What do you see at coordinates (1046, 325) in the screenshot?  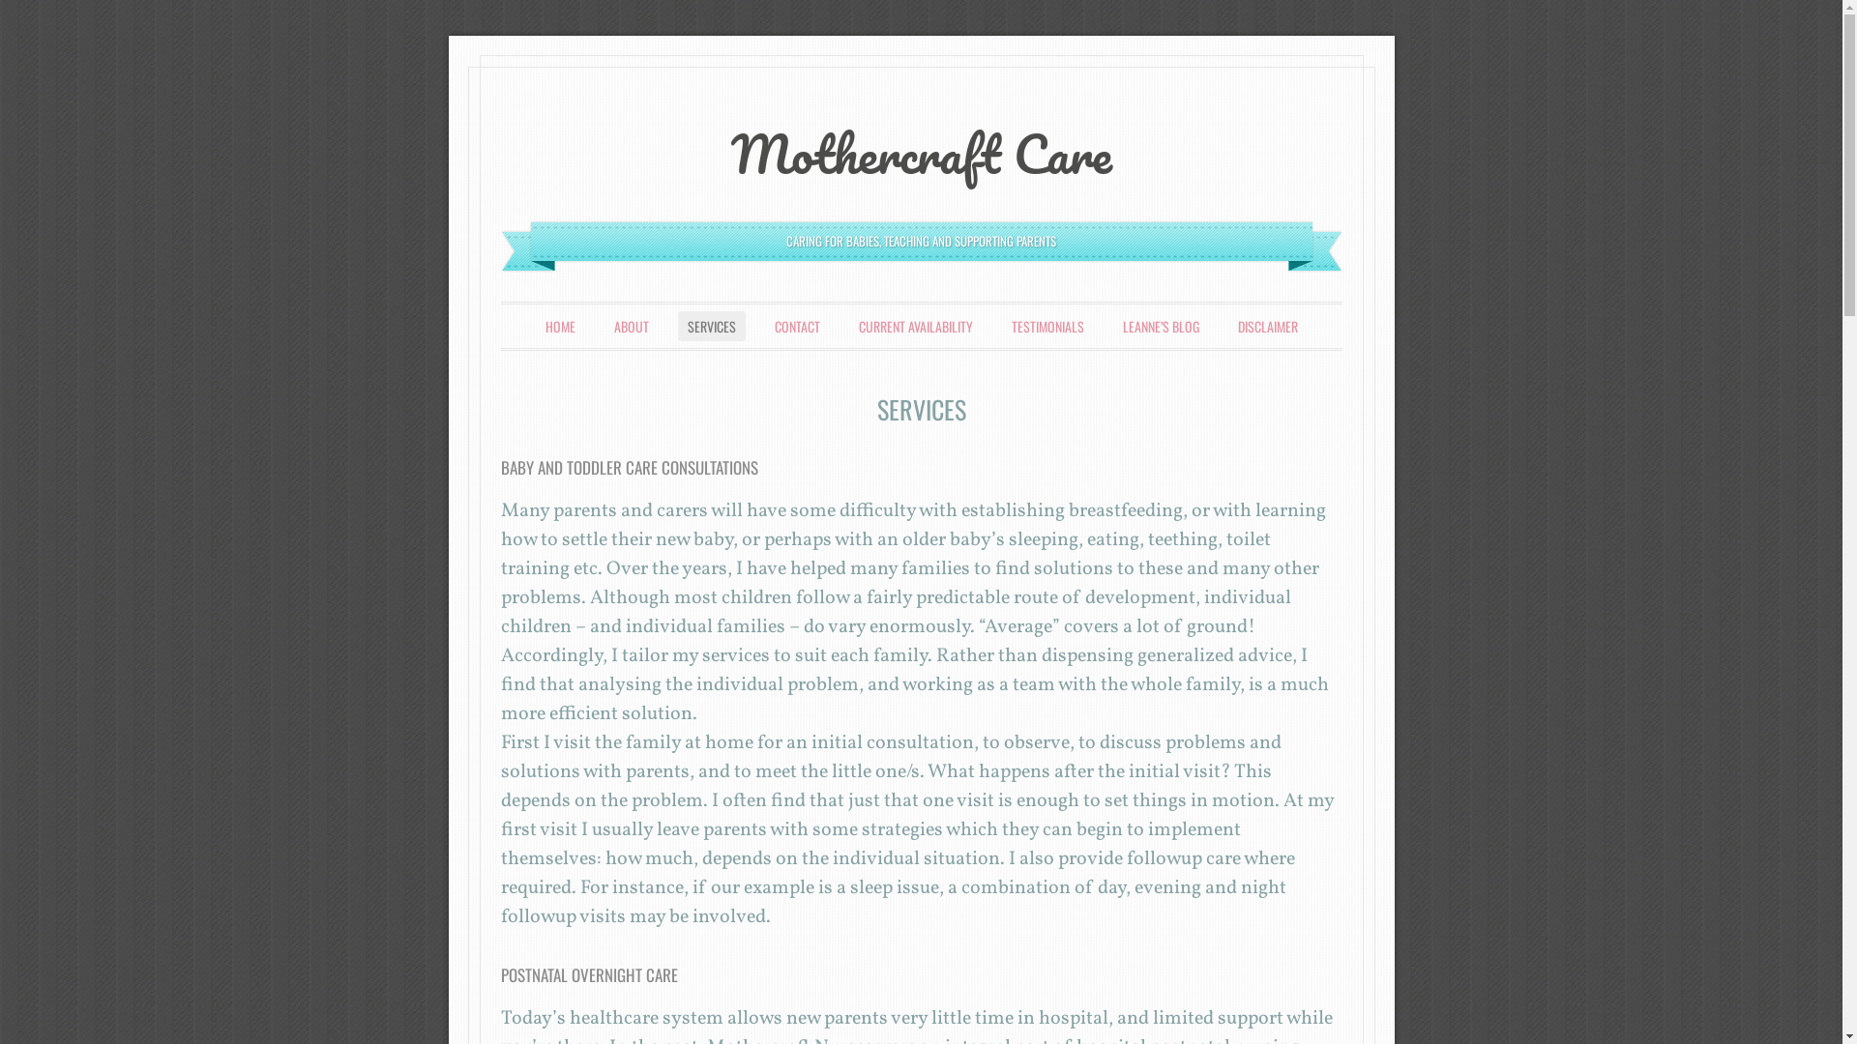 I see `'TESTIMONIALS'` at bounding box center [1046, 325].